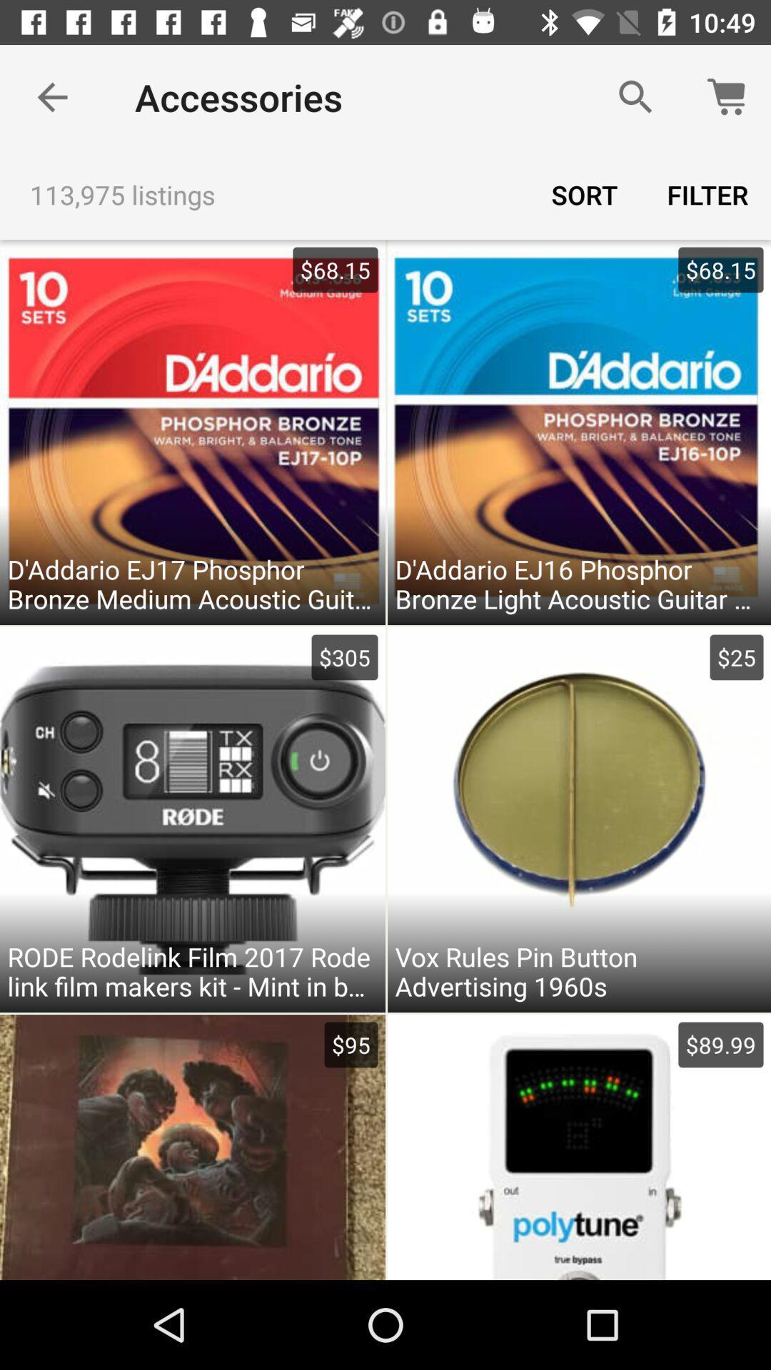  What do you see at coordinates (51, 96) in the screenshot?
I see `the item above the 113,975 listings` at bounding box center [51, 96].